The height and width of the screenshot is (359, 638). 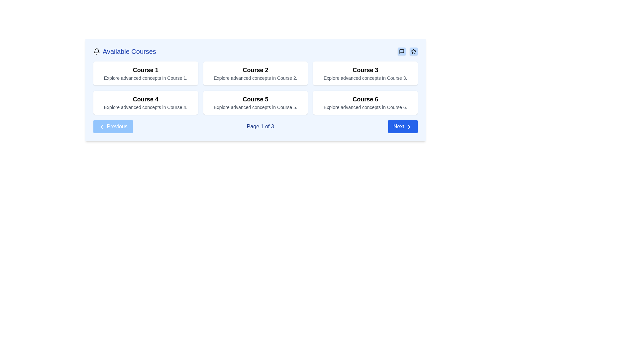 I want to click on the informational card displaying the title and description of a course, located in the upper right corner of the grid layout, specifically the third card in the top row, so click(x=365, y=73).